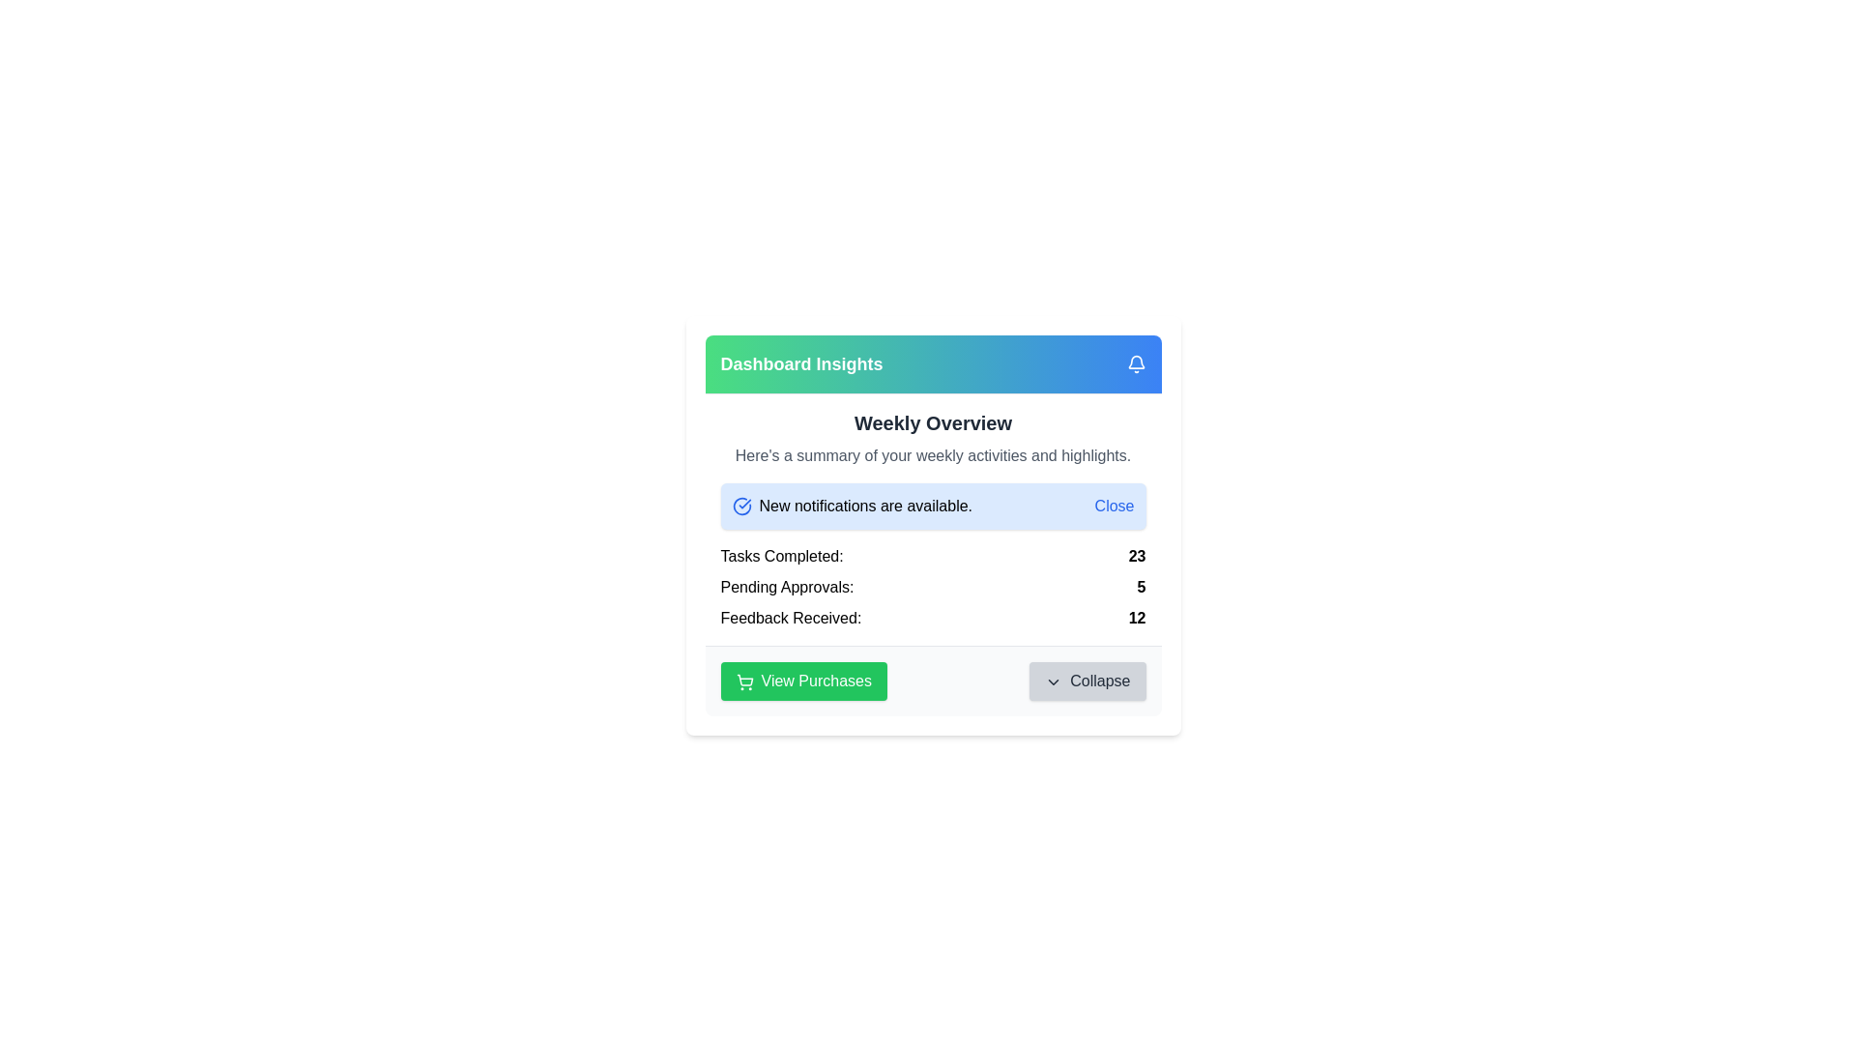  What do you see at coordinates (933, 518) in the screenshot?
I see `the Information Card that summarizes weekly activities, including completed tasks, pending approvals, and received feedback, located in the 'Dashboard Insights' section of the UI` at bounding box center [933, 518].